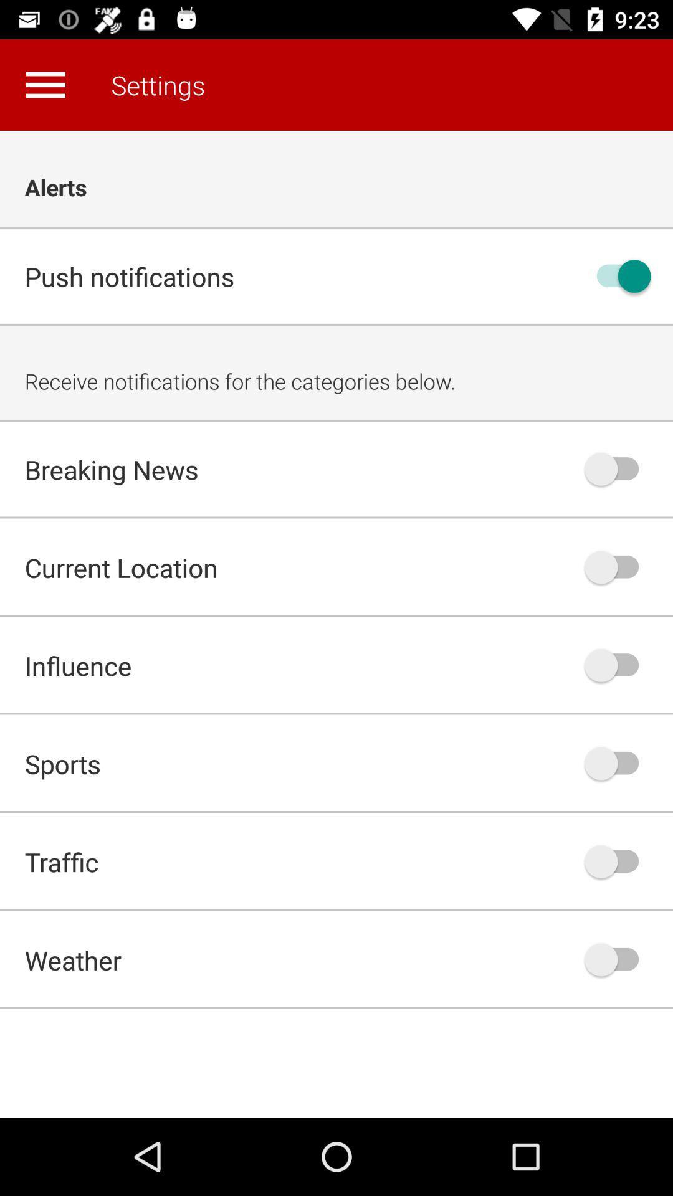 This screenshot has width=673, height=1196. I want to click on on and off, so click(618, 762).